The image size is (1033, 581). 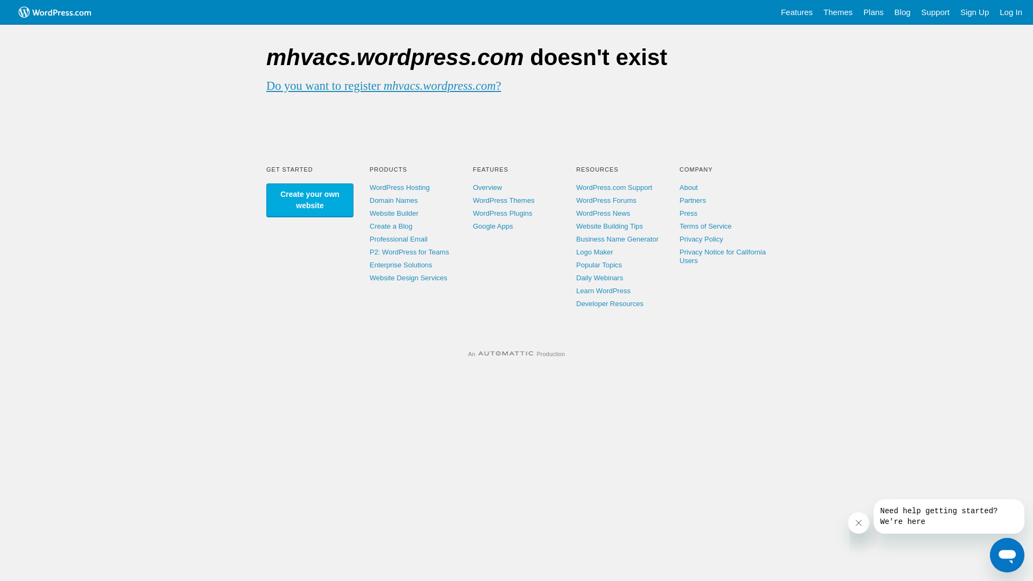 What do you see at coordinates (796, 12) in the screenshot?
I see `'Features'` at bounding box center [796, 12].